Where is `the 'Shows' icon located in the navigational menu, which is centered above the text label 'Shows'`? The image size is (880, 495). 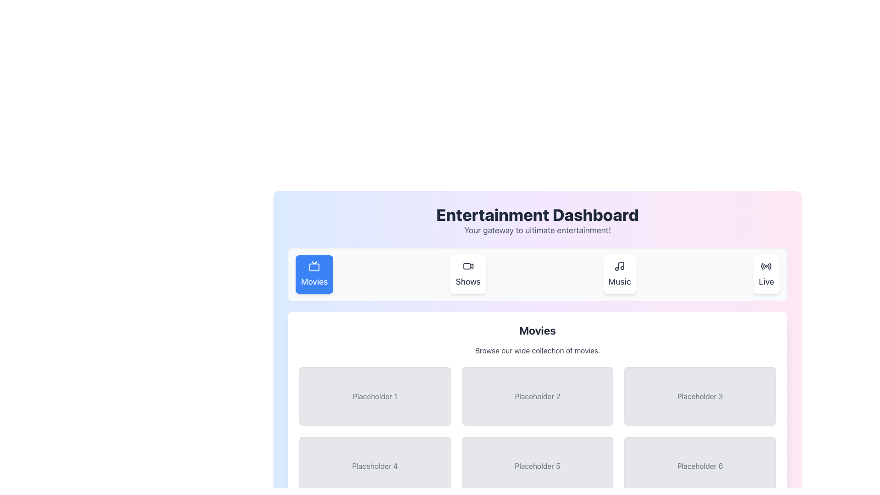 the 'Shows' icon located in the navigational menu, which is centered above the text label 'Shows' is located at coordinates (468, 266).